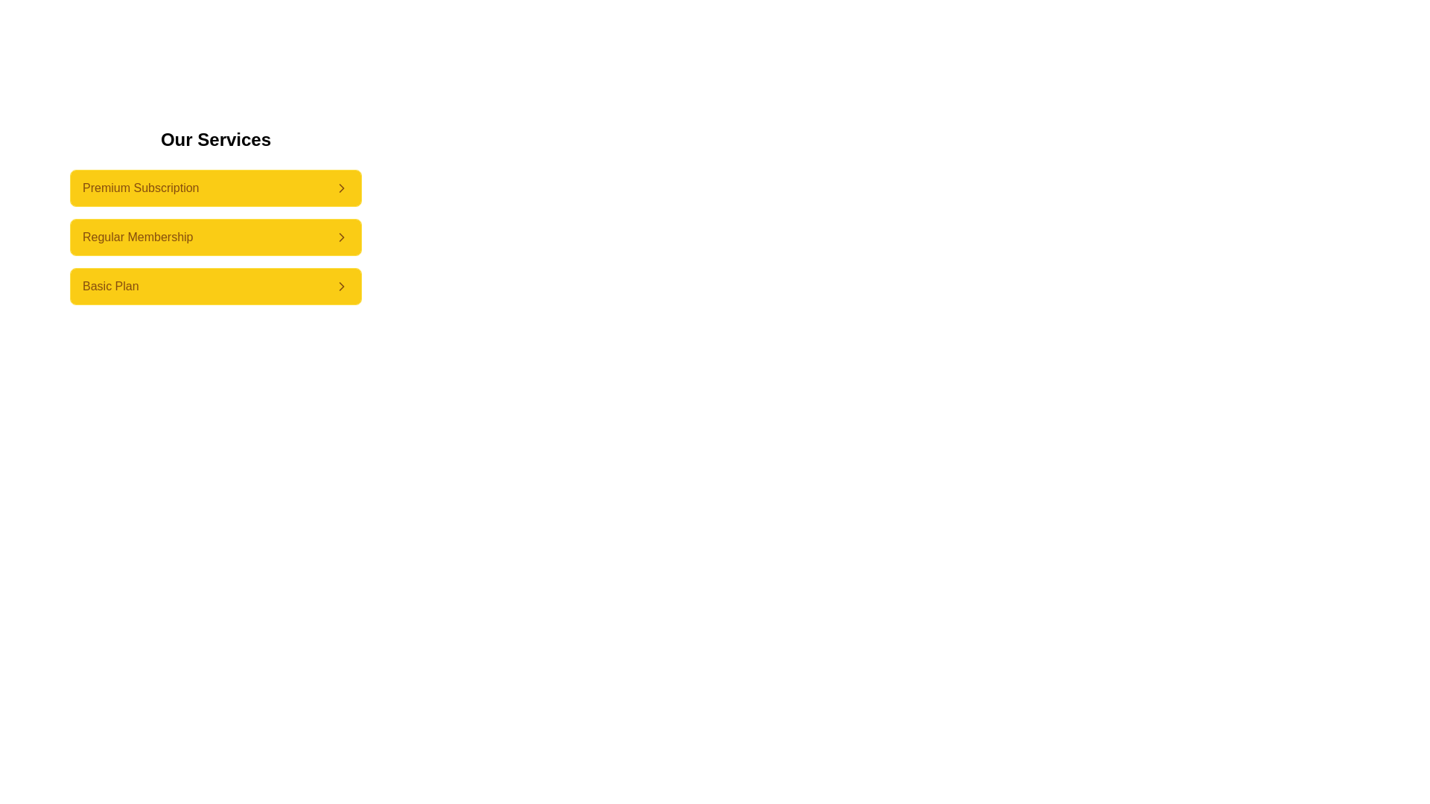 The image size is (1430, 804). I want to click on the 'Basic Plan' text label within the vibrant yellow button, so click(109, 287).